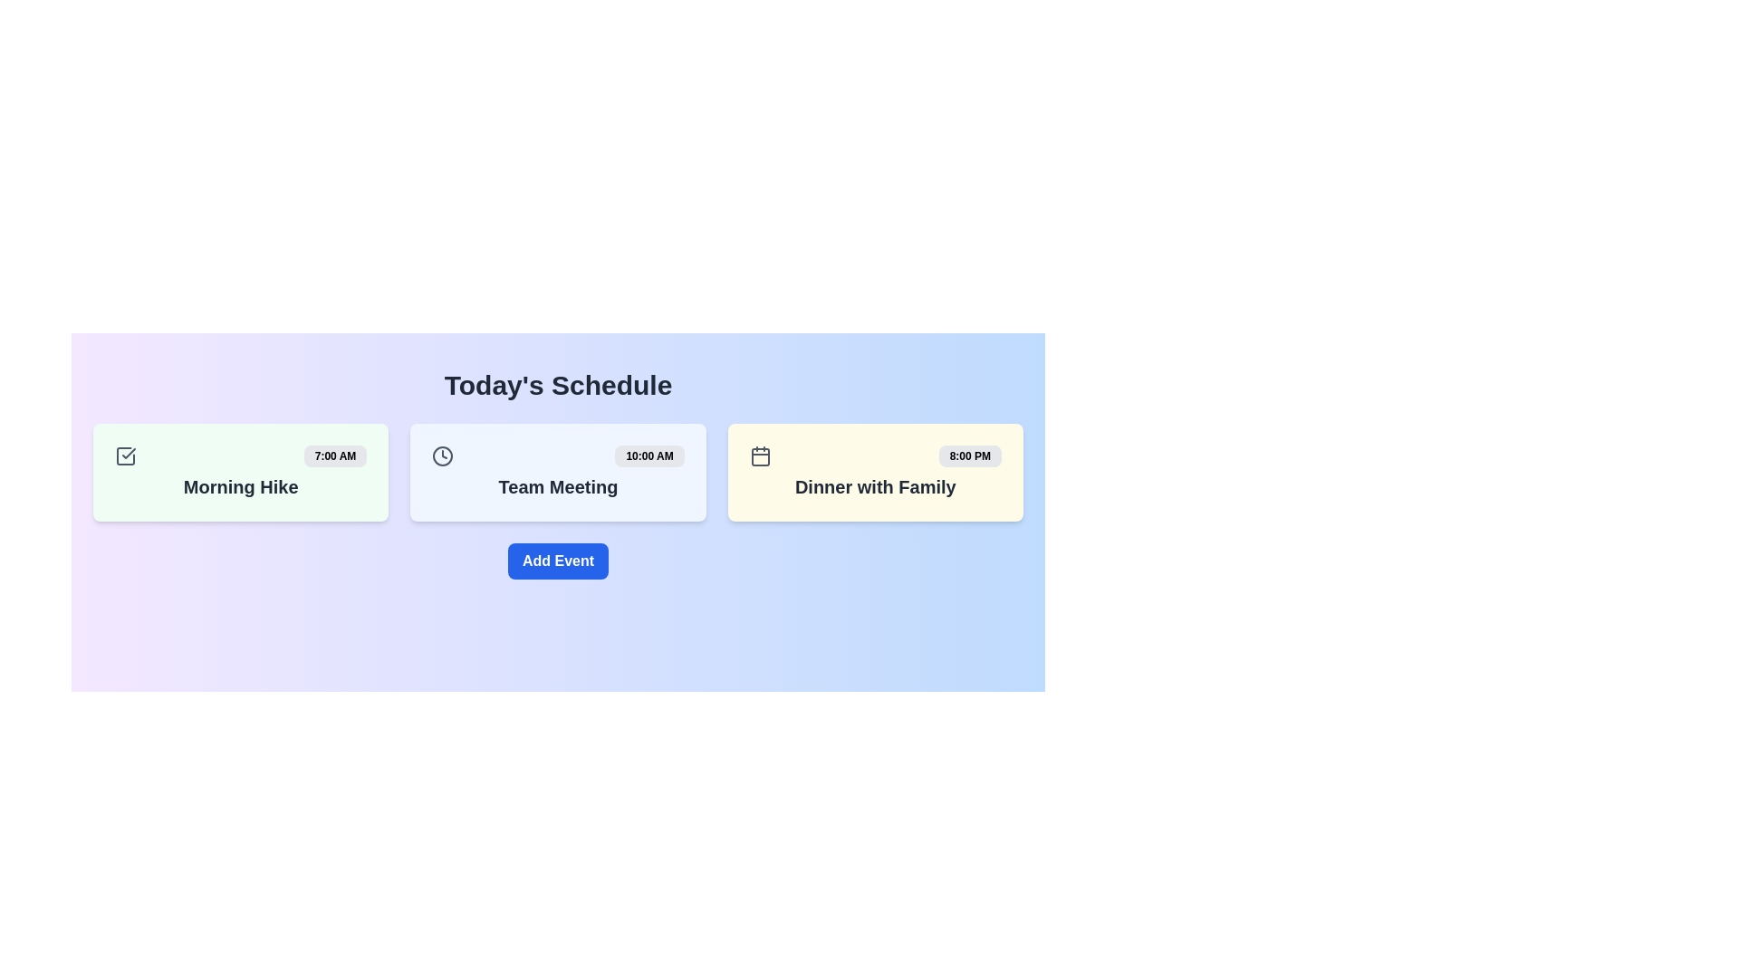 Image resolution: width=1739 pixels, height=978 pixels. I want to click on text label describing the title or subject line of the meeting event, which is centrally positioned beneath the '10:00 AM' time label within the event card, so click(557, 485).